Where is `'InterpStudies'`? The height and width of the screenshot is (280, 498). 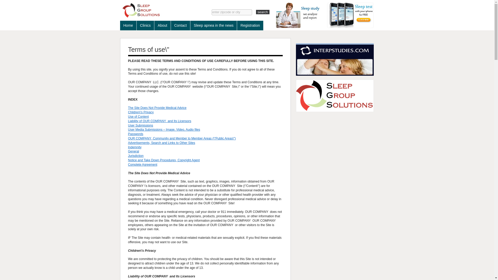
'InterpStudies' is located at coordinates (335, 59).